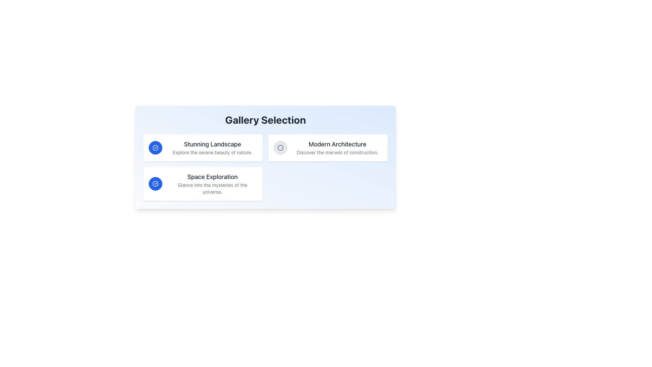 The width and height of the screenshot is (652, 367). Describe the element at coordinates (337, 147) in the screenshot. I see `the Text Content Group with Title 'Modern Architecture'` at that location.